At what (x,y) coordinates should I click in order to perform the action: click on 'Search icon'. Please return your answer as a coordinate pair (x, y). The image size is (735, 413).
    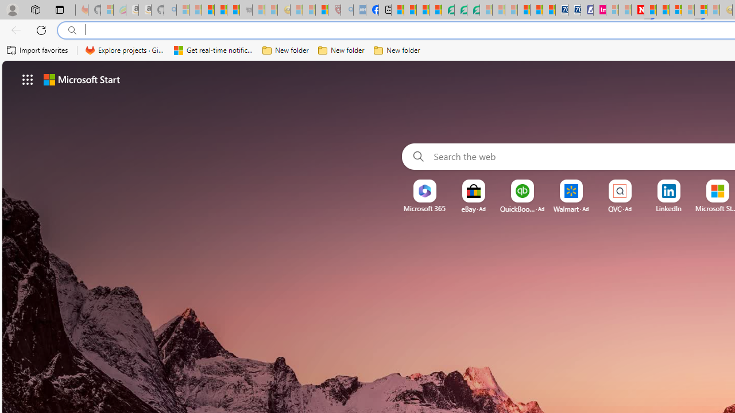
    Looking at the image, I should click on (72, 30).